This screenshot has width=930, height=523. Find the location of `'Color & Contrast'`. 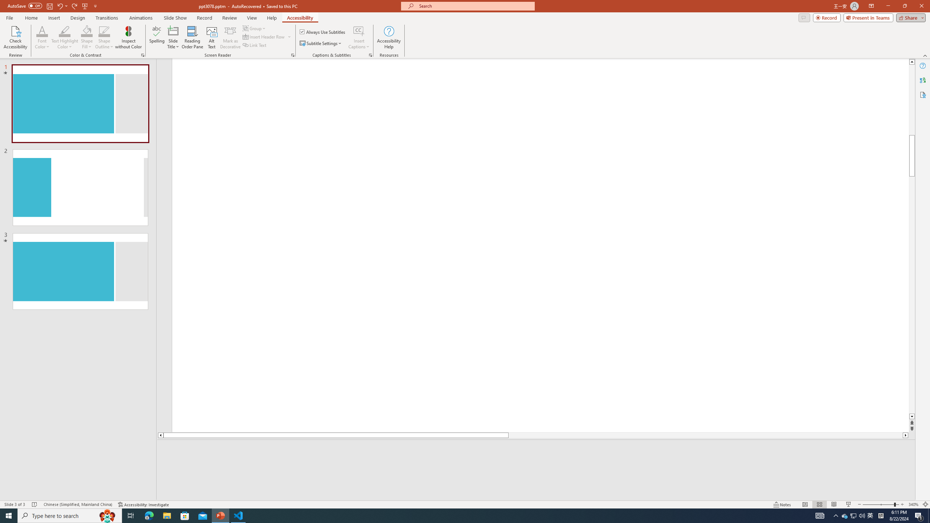

'Color & Contrast' is located at coordinates (142, 54).